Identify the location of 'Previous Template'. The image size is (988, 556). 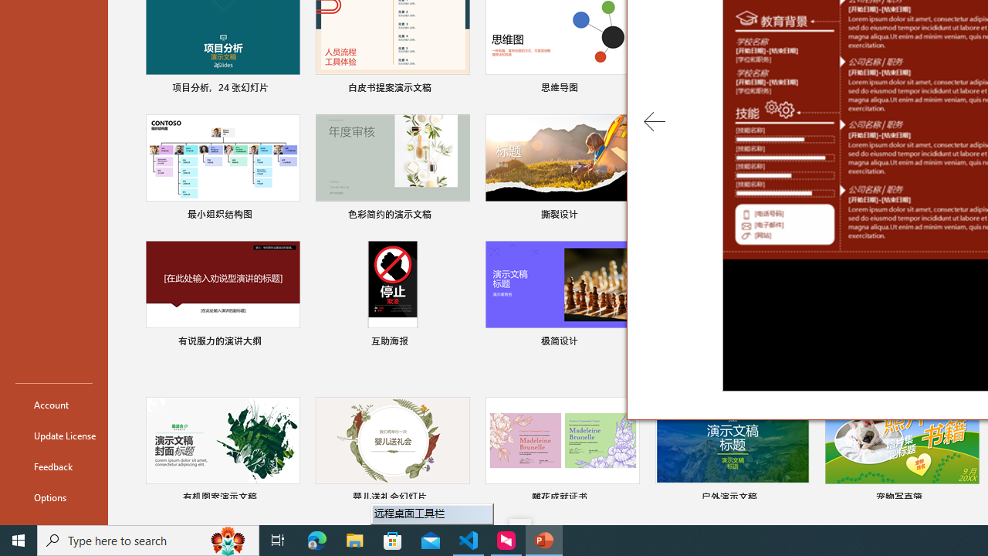
(655, 121).